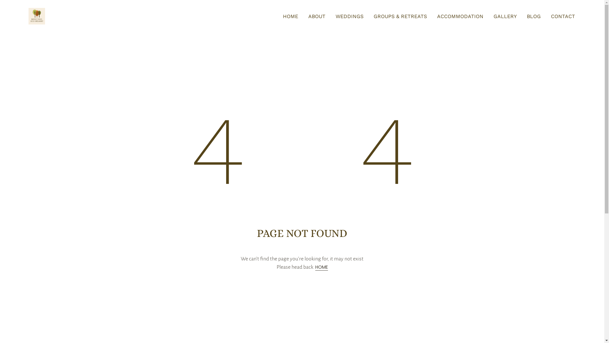  I want to click on 'WEDDINGS', so click(349, 16).